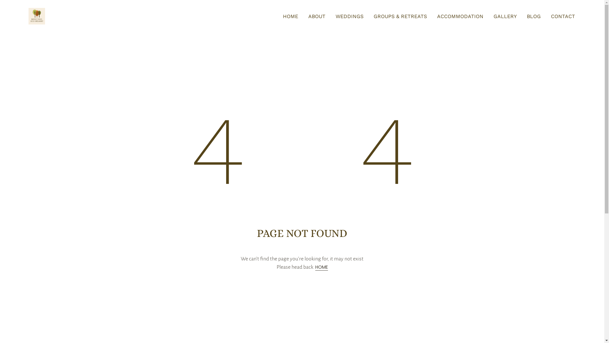  I want to click on 'WEDDINGS', so click(349, 16).